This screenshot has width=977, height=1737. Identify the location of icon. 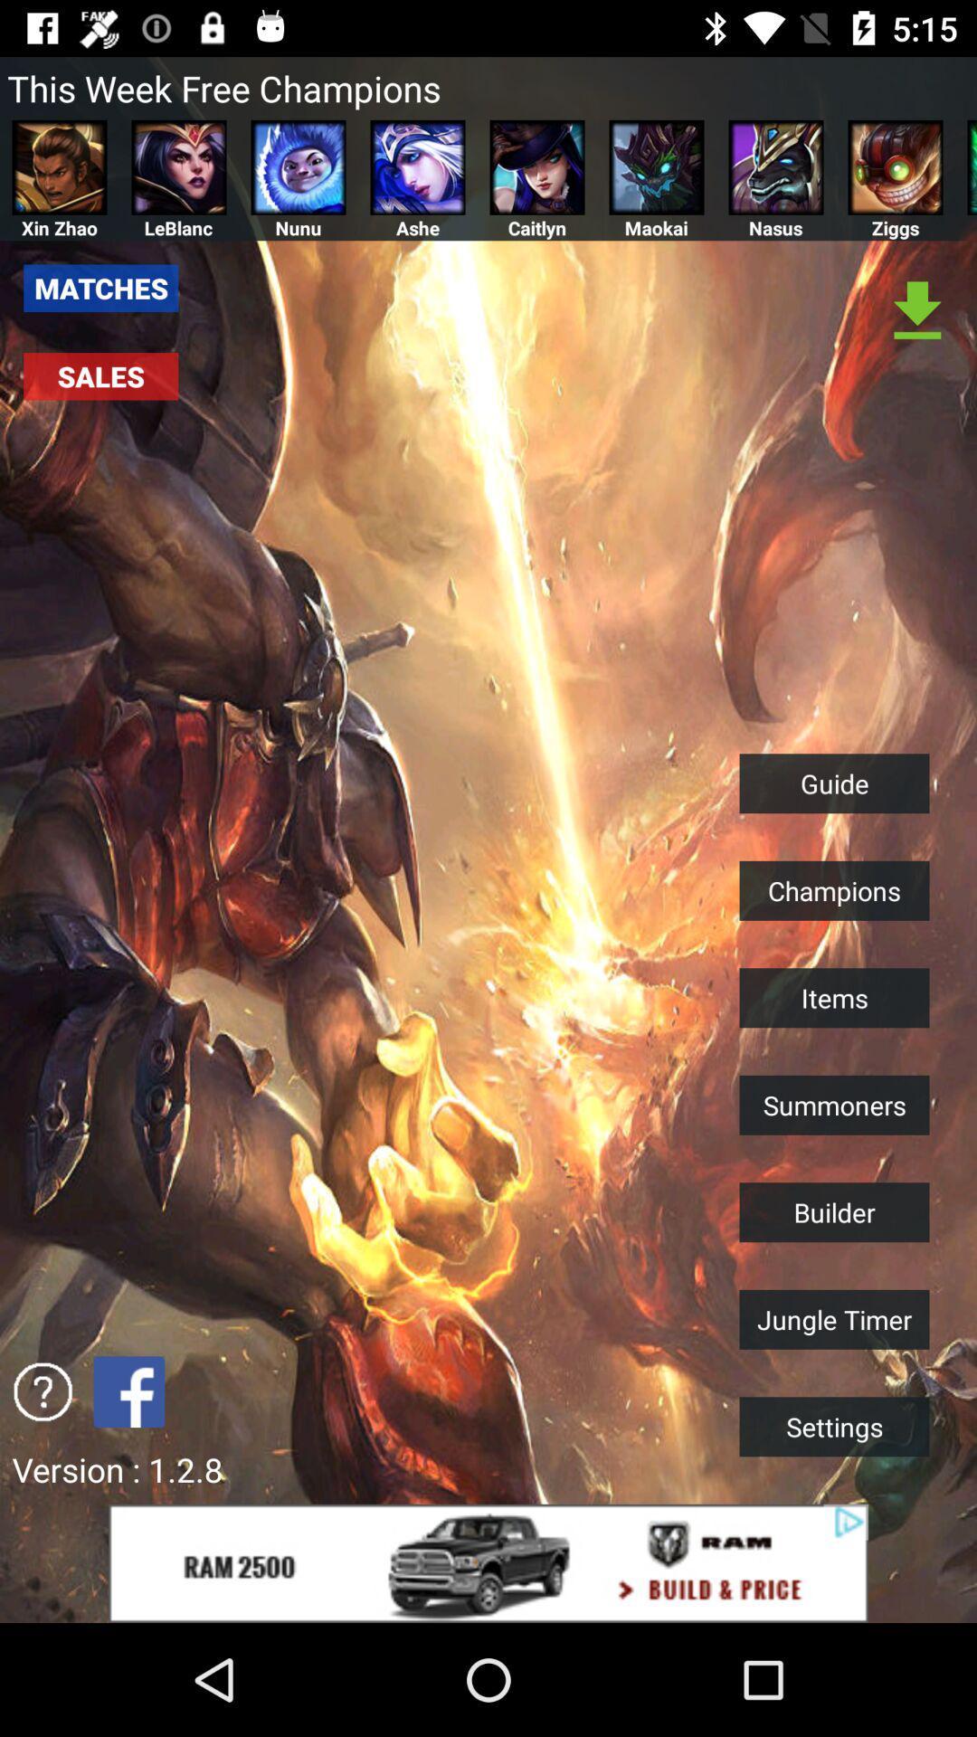
(42, 1391).